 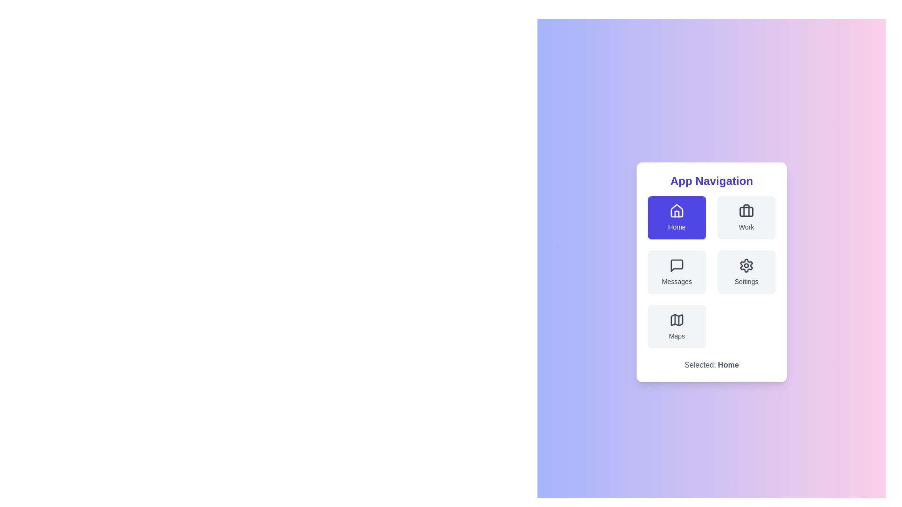 What do you see at coordinates (676, 326) in the screenshot?
I see `the menu item Maps from the available options` at bounding box center [676, 326].